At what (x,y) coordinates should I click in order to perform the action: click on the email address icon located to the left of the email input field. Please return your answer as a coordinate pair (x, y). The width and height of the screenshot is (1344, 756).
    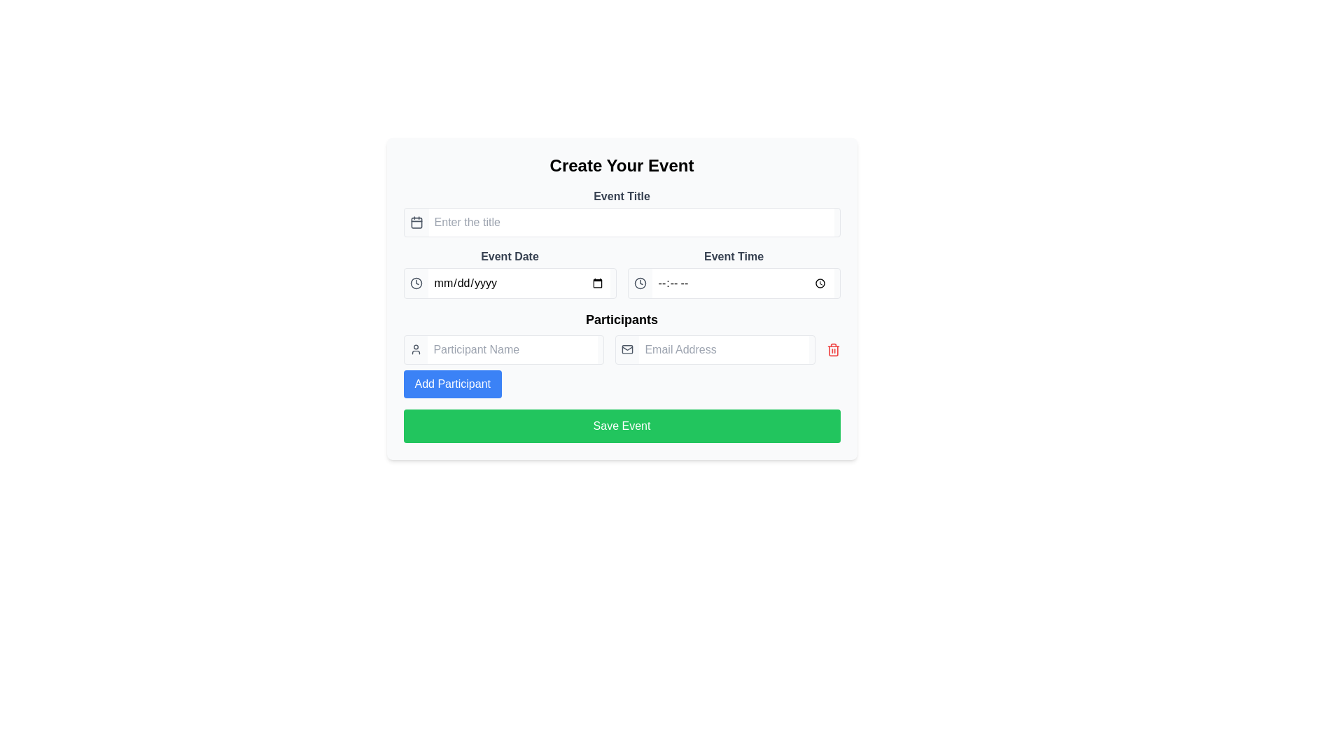
    Looking at the image, I should click on (626, 349).